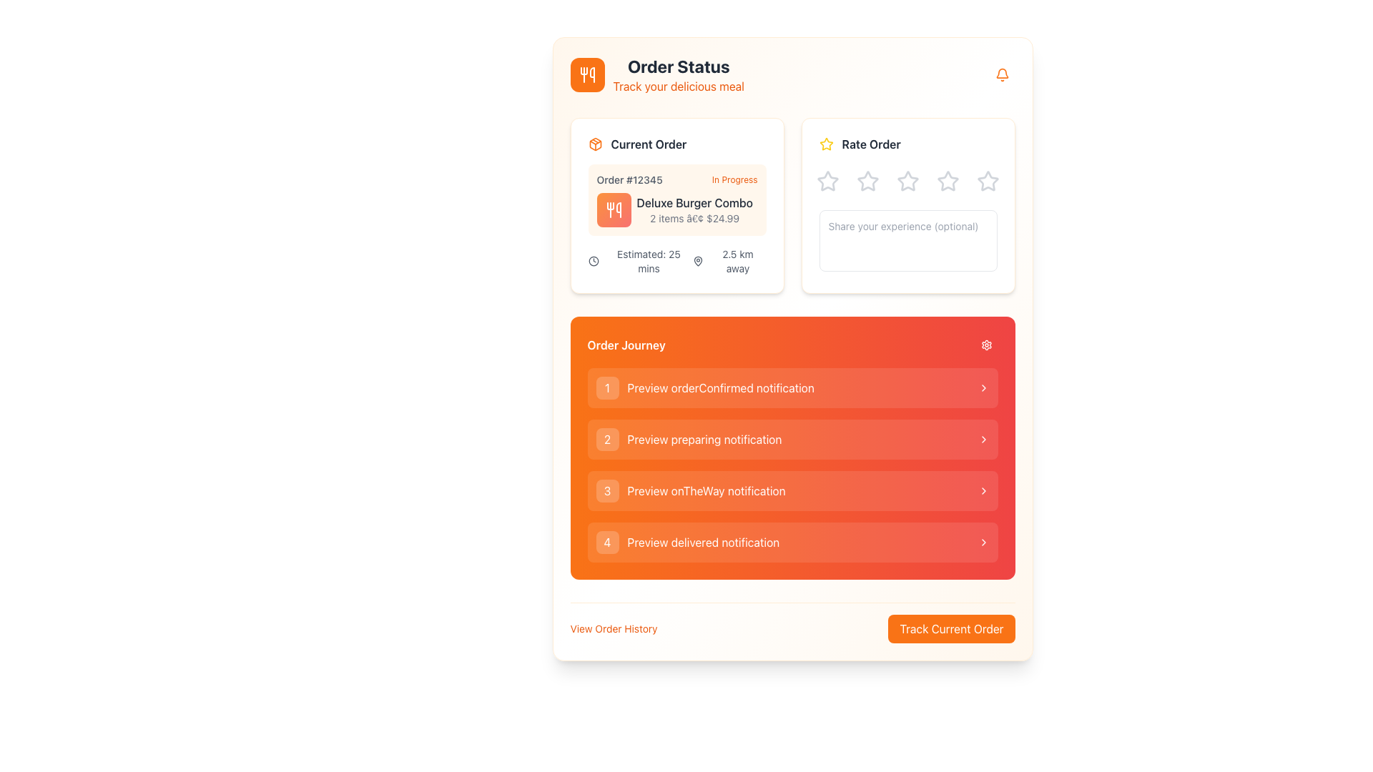 The width and height of the screenshot is (1373, 772). Describe the element at coordinates (1001, 74) in the screenshot. I see `the notification bell icon located in the top-right corner of the 'Order Status' section` at that location.